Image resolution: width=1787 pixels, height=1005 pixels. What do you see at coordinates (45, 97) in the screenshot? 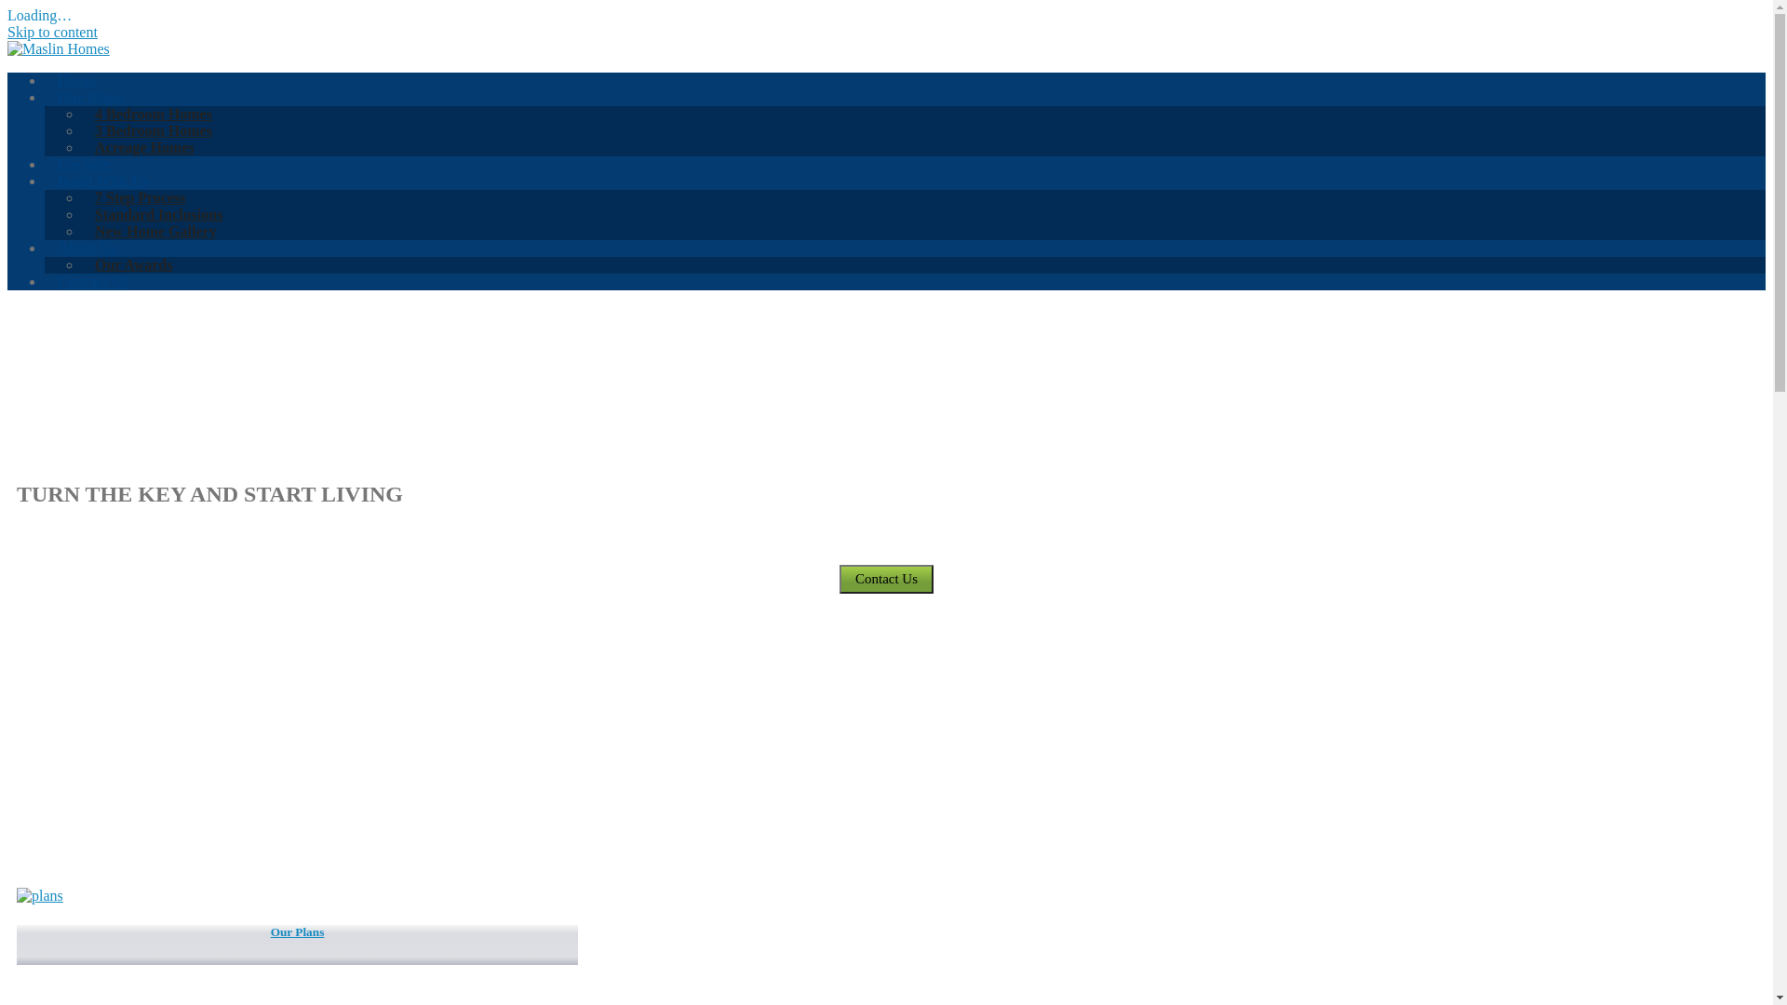
I see `'Our Plans'` at bounding box center [45, 97].